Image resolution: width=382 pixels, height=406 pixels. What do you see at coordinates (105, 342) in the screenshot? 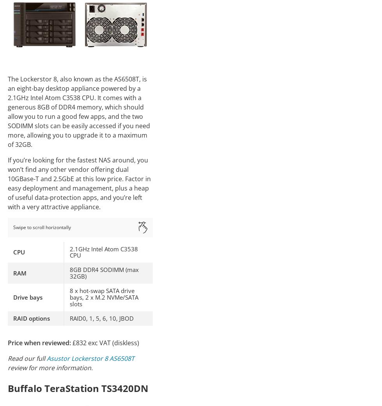
I see `'£832 exc VAT (diskless)'` at bounding box center [105, 342].